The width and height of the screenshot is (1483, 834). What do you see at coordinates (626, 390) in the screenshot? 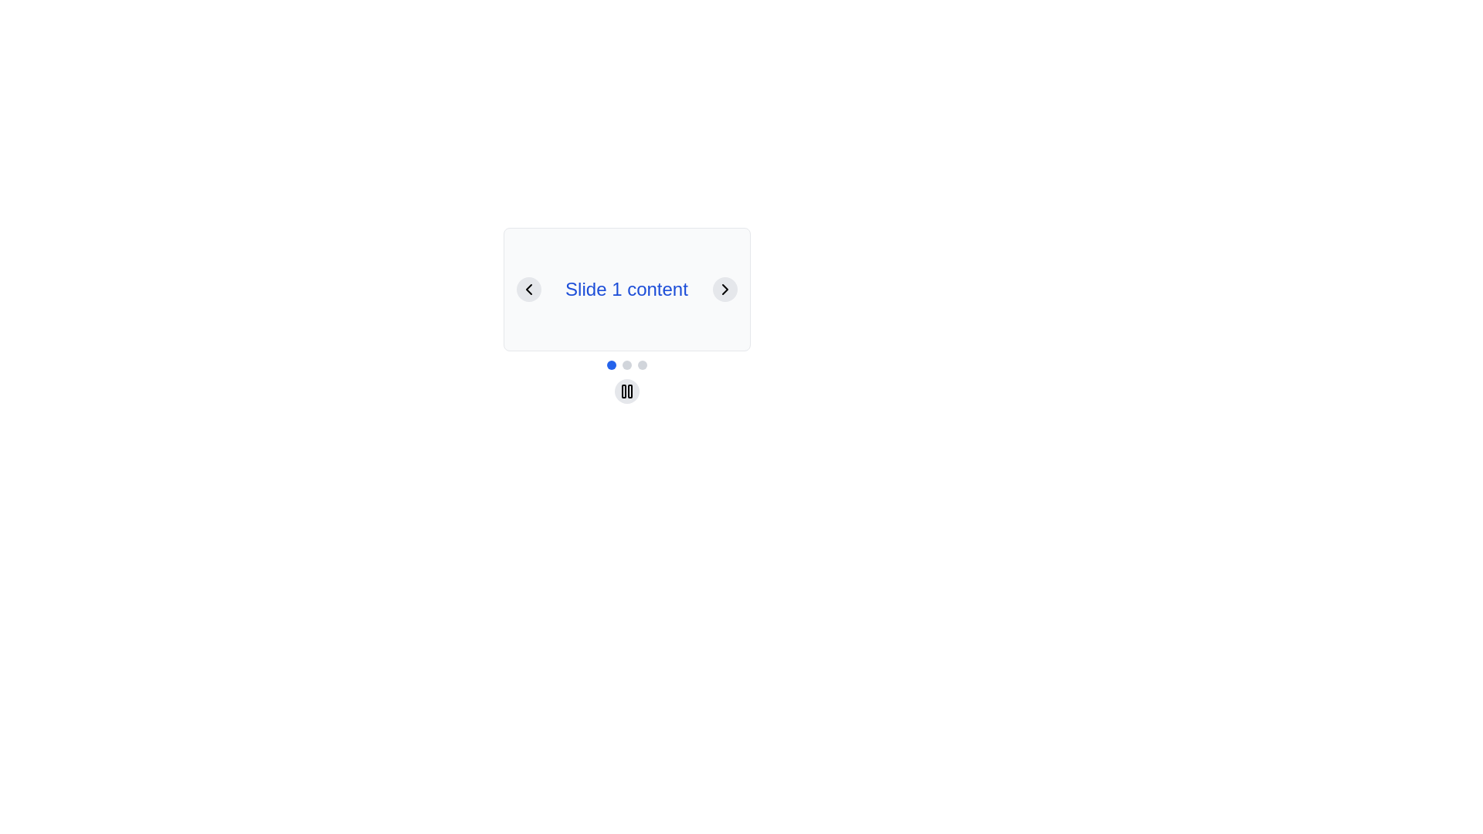
I see `the 'Pause' button, which is an icon button with a pause symbol located at the center-bottom of the interface` at bounding box center [626, 390].